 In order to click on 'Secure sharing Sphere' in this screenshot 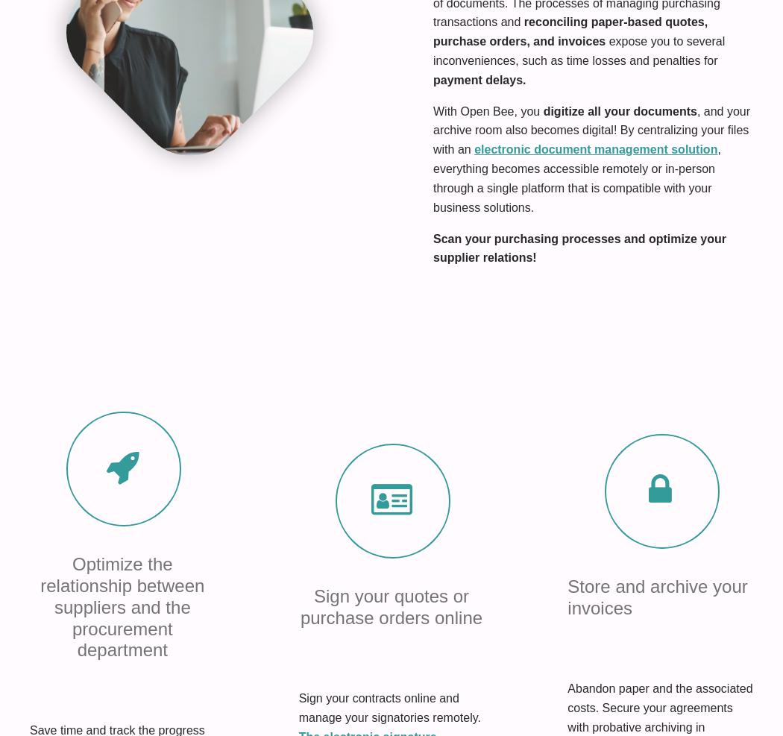, I will do `click(77, 541)`.